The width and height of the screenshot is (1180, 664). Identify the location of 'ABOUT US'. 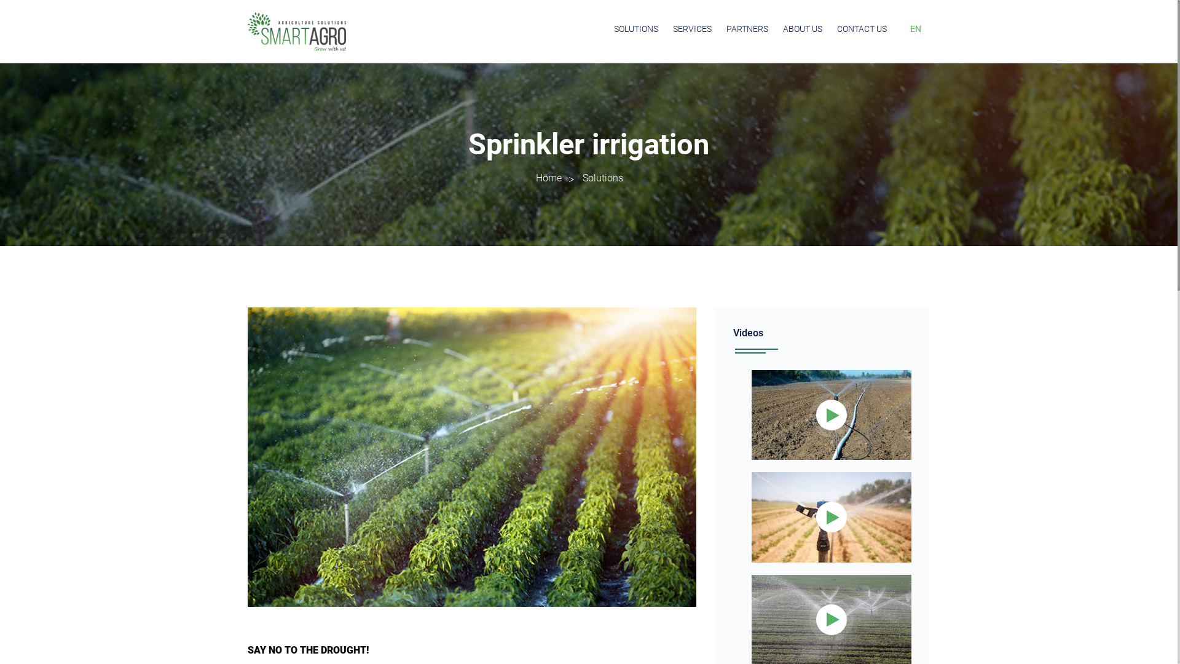
(782, 28).